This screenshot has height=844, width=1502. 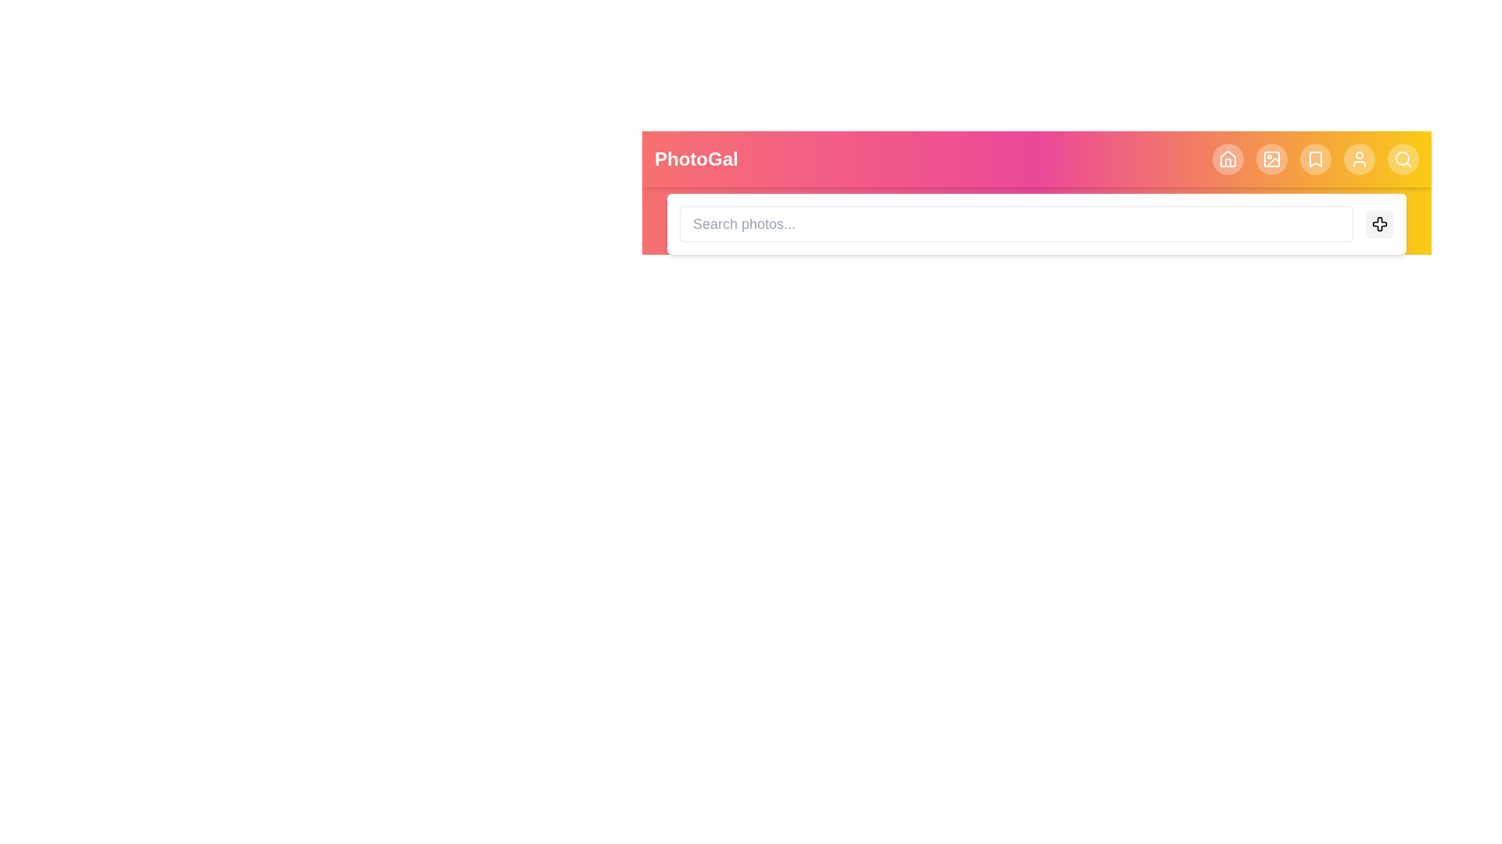 I want to click on the search bar to focus on it, so click(x=1016, y=224).